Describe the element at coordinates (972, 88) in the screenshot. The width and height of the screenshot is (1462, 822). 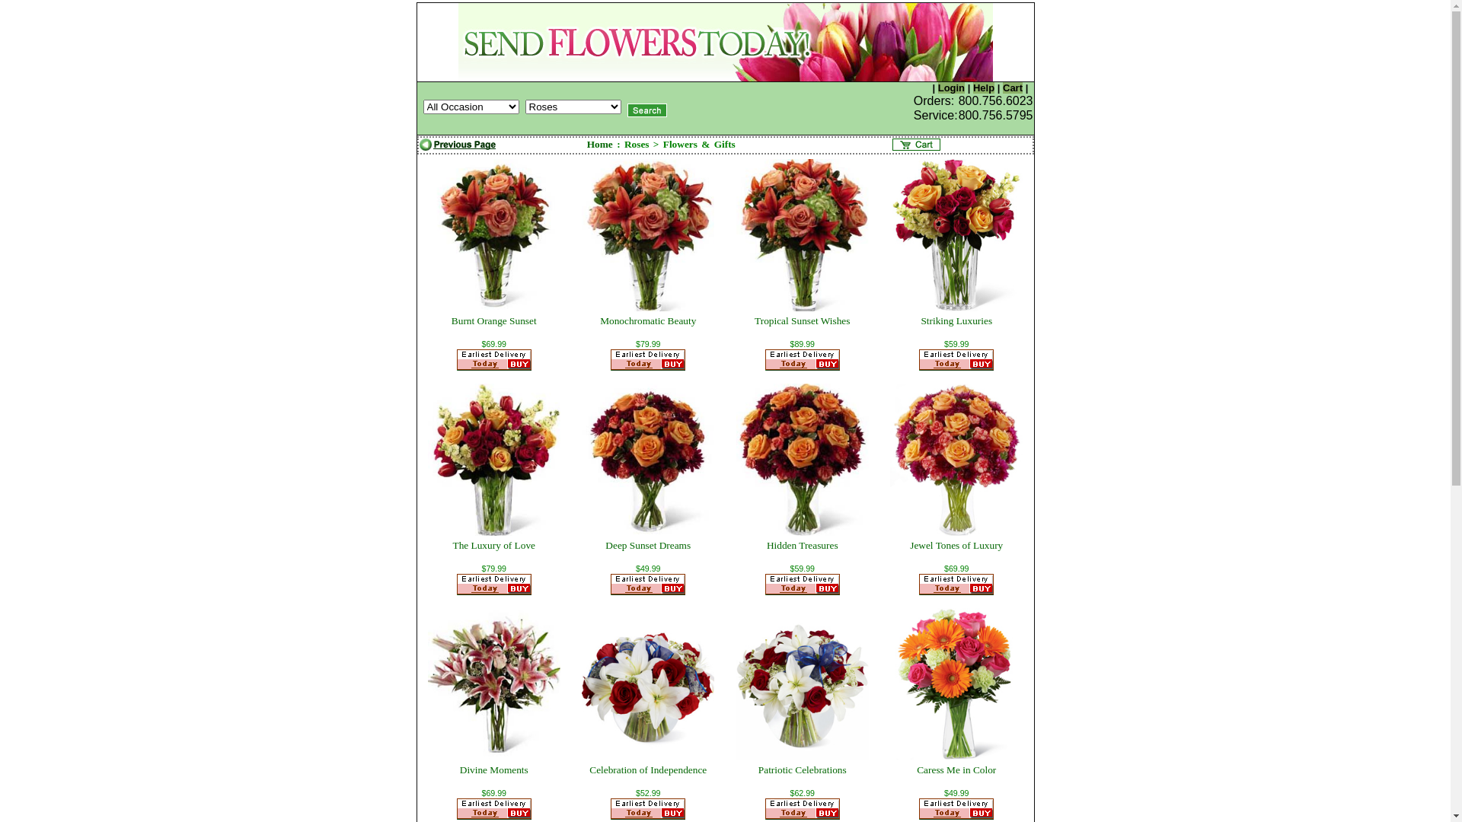
I see `'Help'` at that location.